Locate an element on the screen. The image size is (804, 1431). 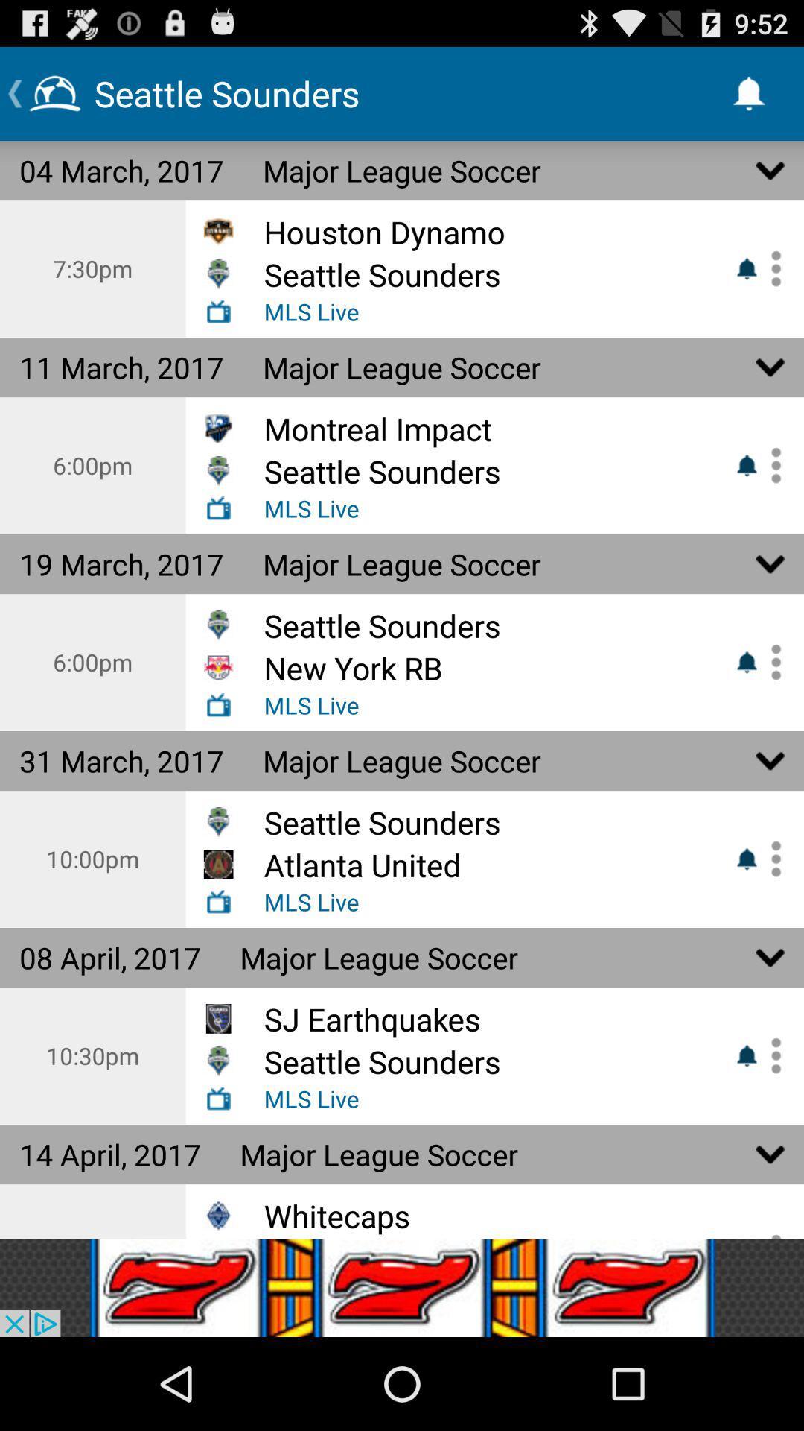
alert option is located at coordinates (770, 268).